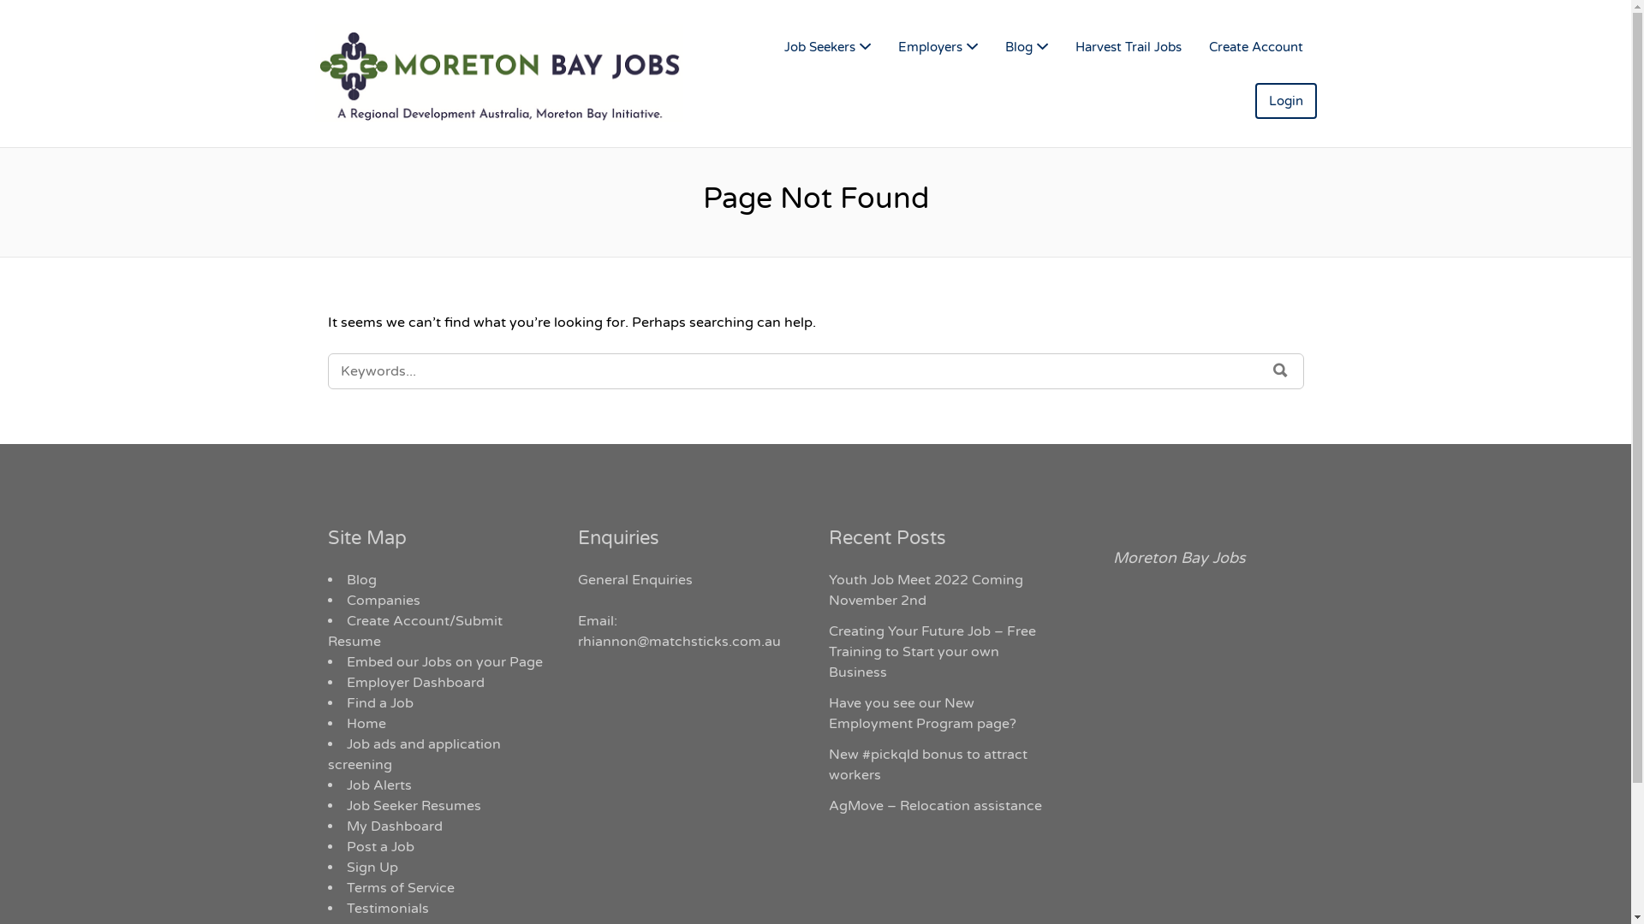  I want to click on 'Employers', so click(936, 46).